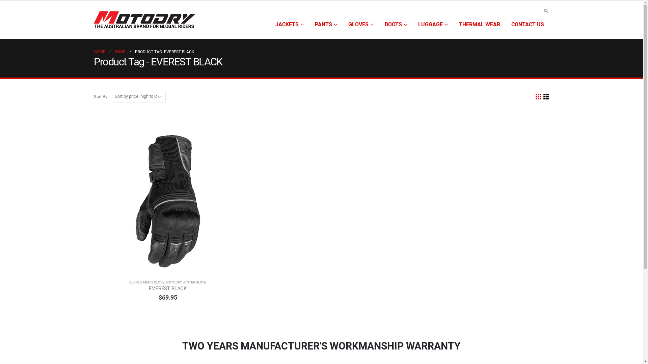 The height and width of the screenshot is (364, 648). Describe the element at coordinates (290, 24) in the screenshot. I see `'JACKETS'` at that location.